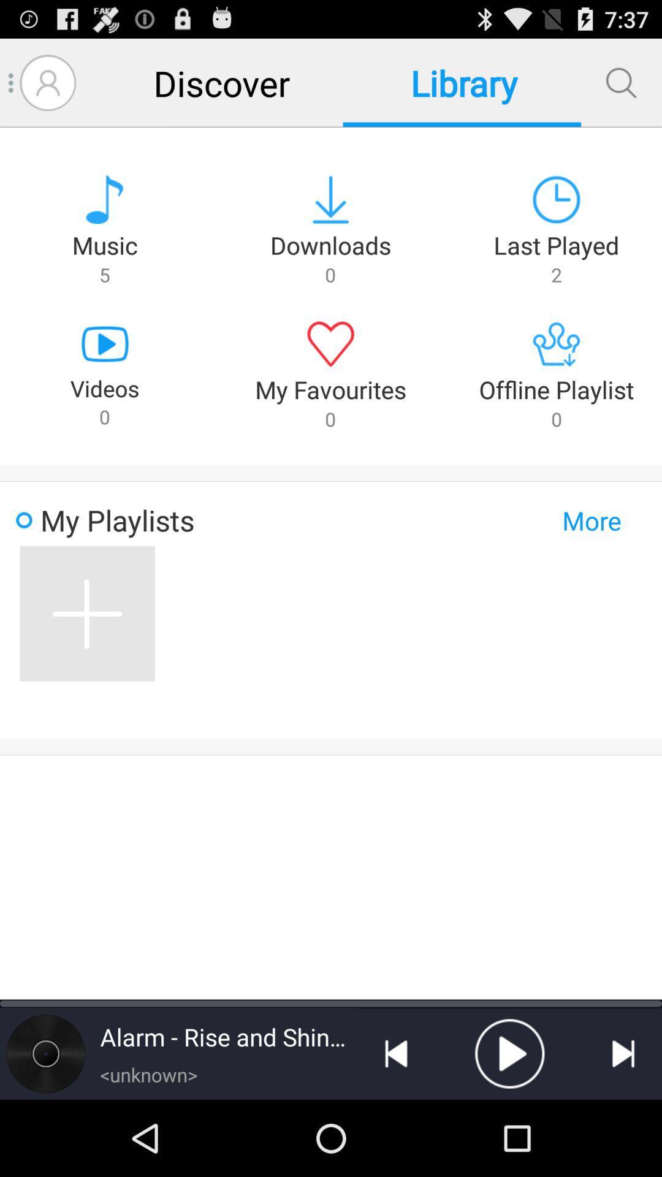  Describe the element at coordinates (623, 1053) in the screenshot. I see `next item` at that location.